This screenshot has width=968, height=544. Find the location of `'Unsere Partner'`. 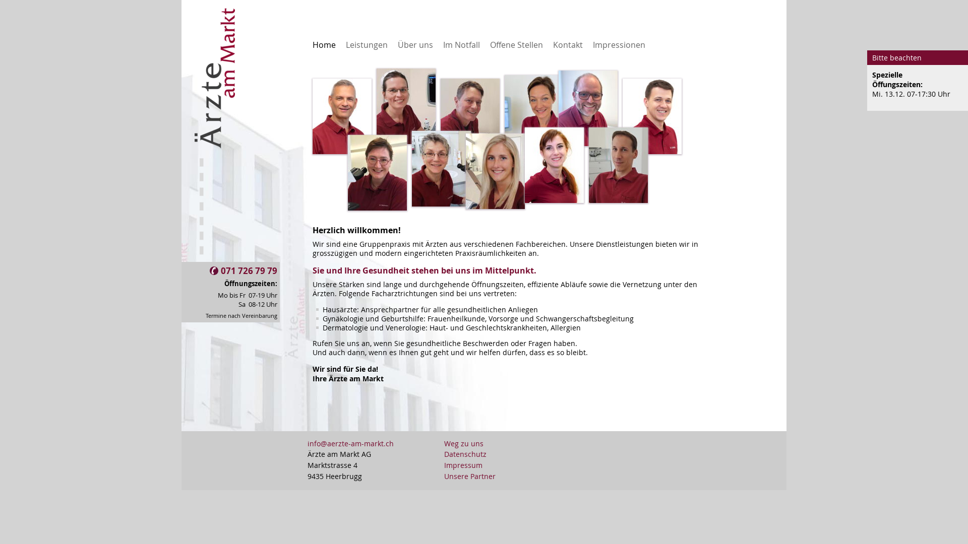

'Unsere Partner' is located at coordinates (469, 477).